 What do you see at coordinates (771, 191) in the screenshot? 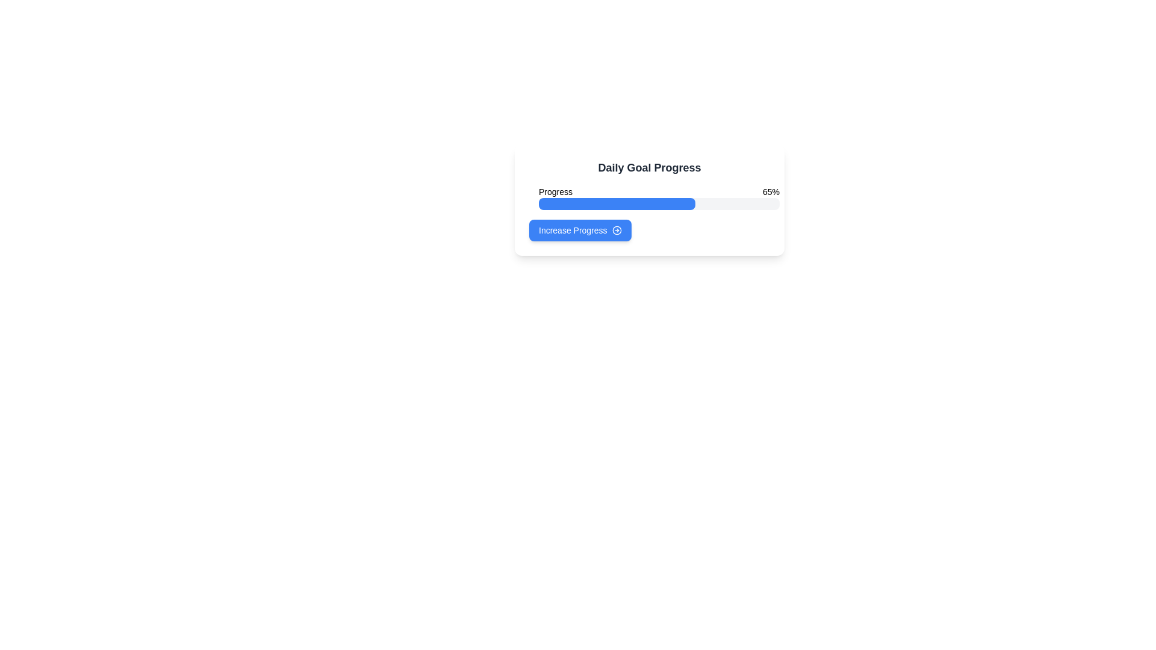
I see `the static text label displaying '65%' which indicates a percentage value, located to the right of the progress bar in the 'Daily Goal Progress' card` at bounding box center [771, 191].